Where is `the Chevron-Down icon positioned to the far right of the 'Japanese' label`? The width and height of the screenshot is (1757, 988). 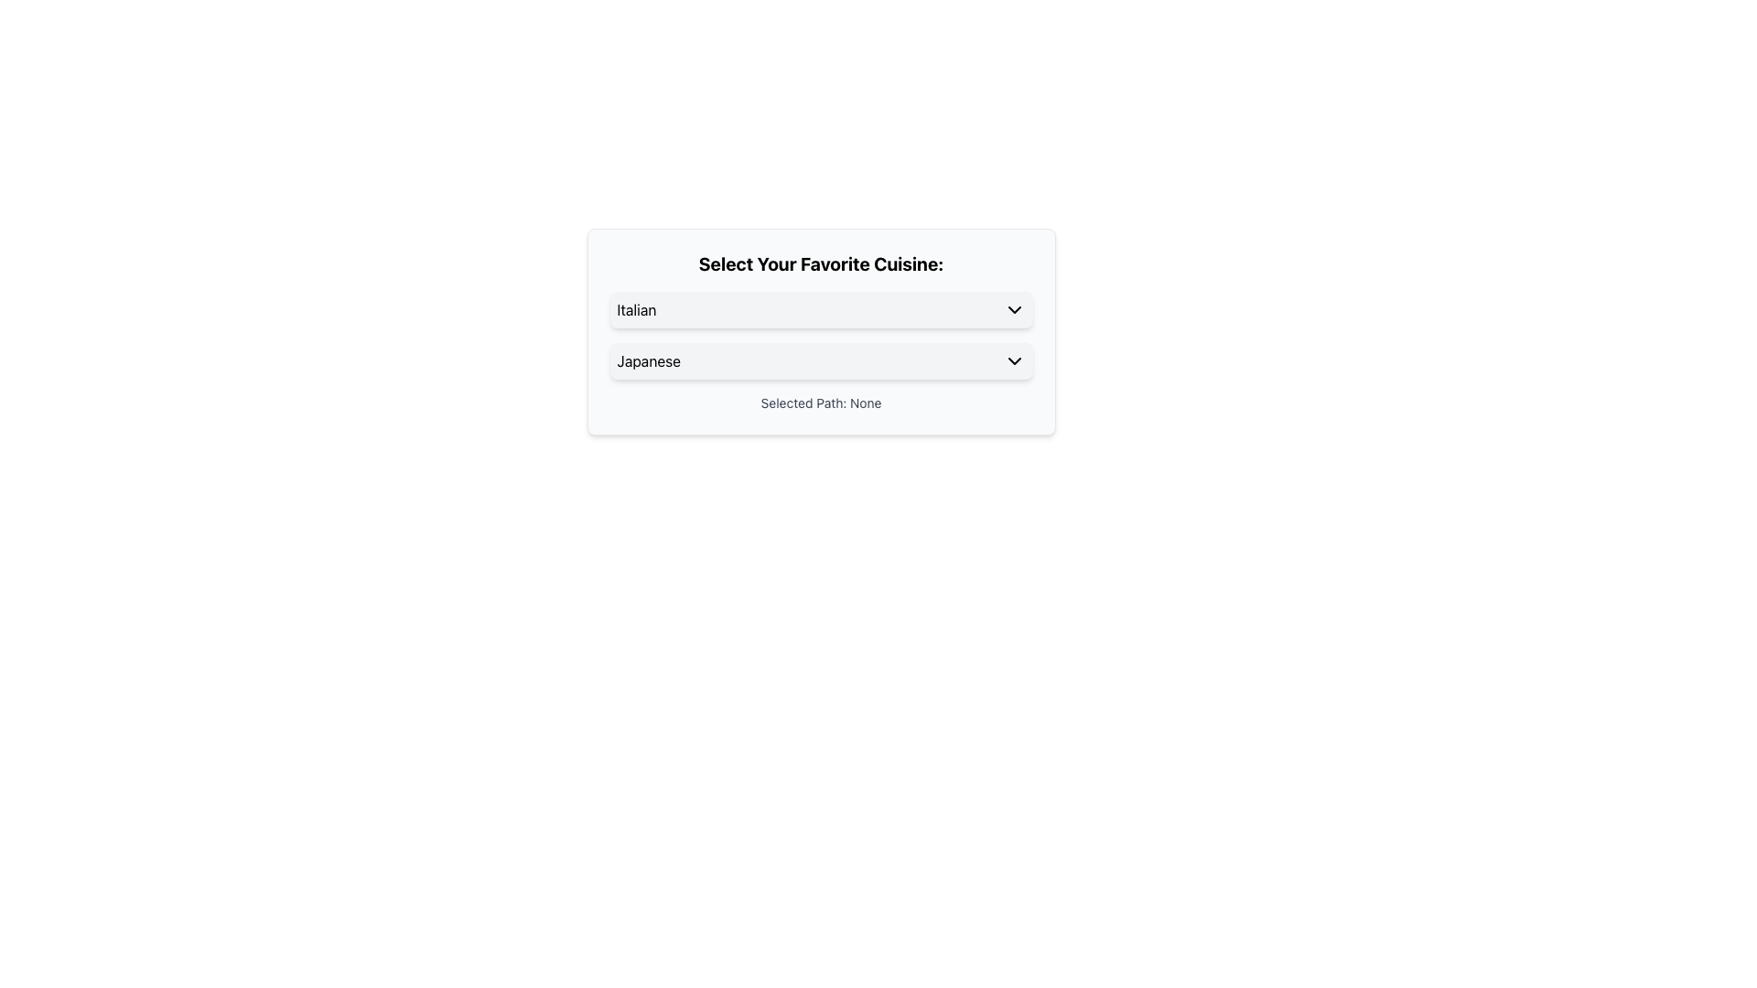
the Chevron-Down icon positioned to the far right of the 'Japanese' label is located at coordinates (1013, 360).